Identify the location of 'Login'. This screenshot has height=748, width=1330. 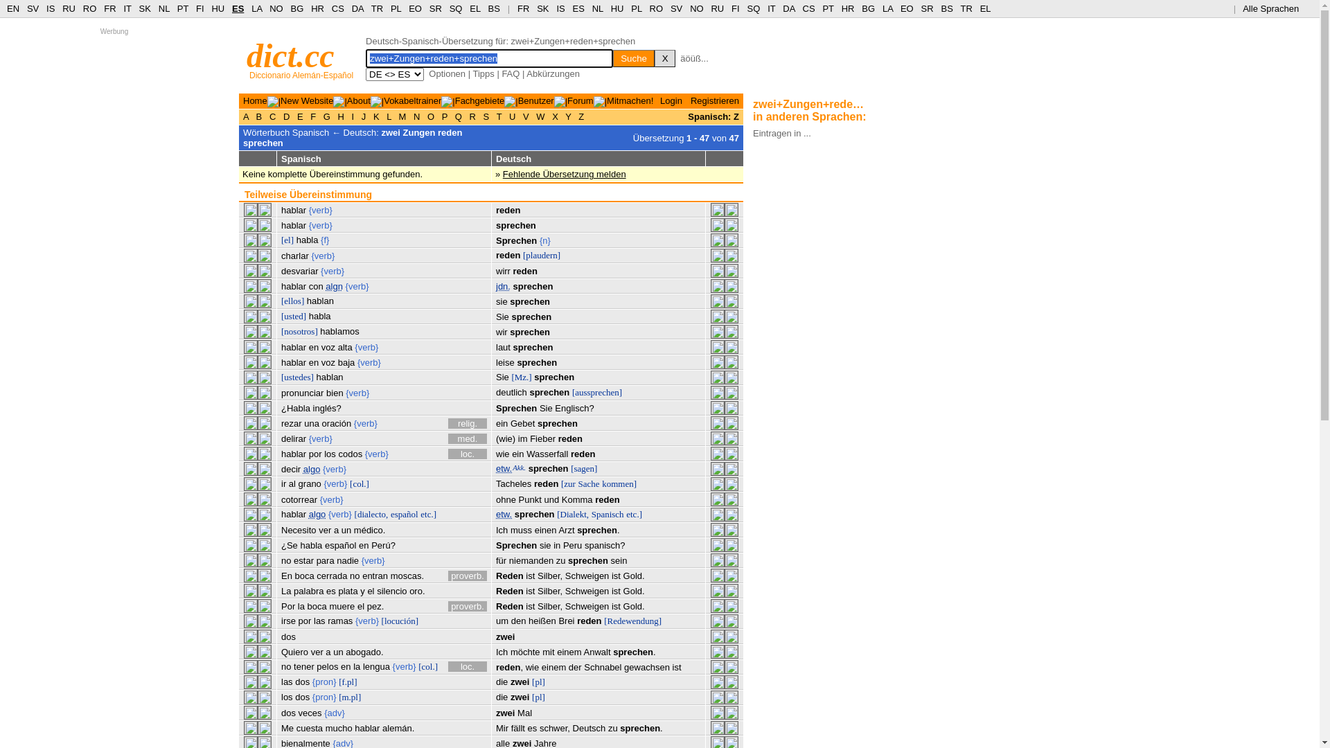
(659, 100).